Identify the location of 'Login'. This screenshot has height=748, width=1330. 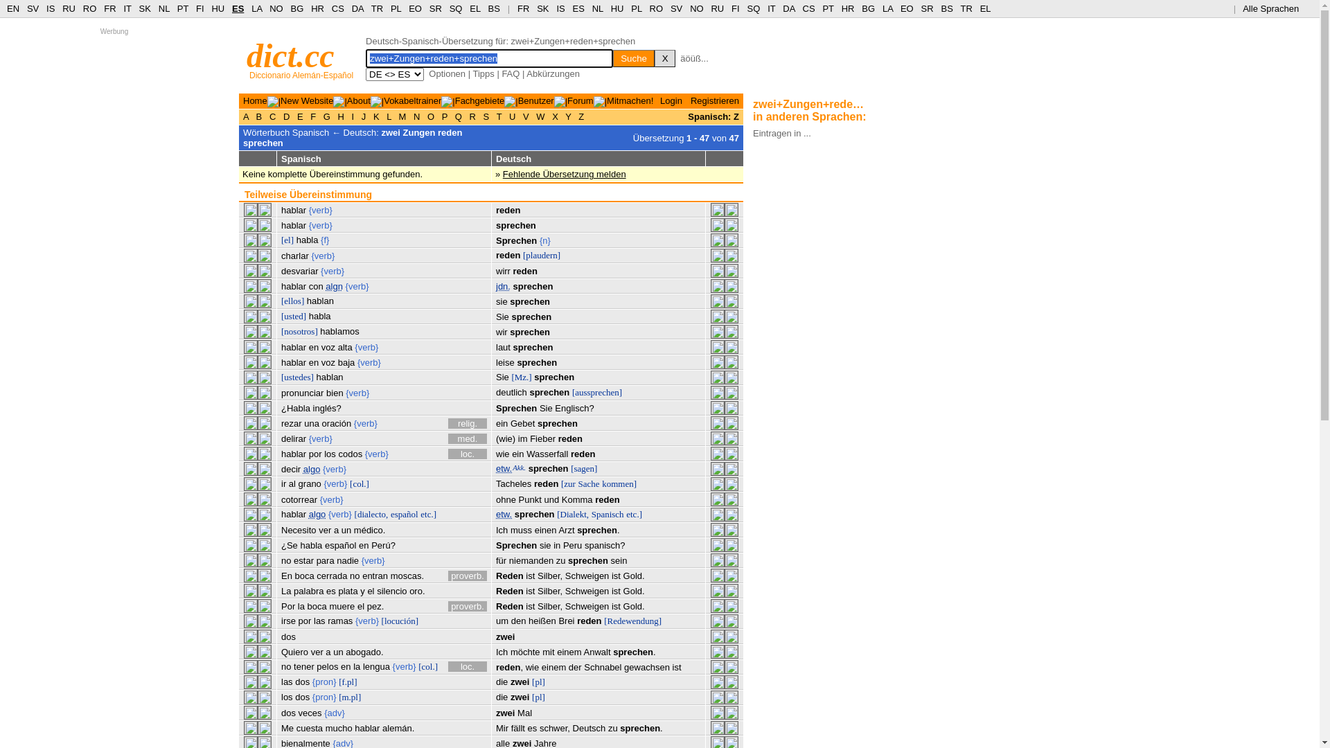
(659, 100).